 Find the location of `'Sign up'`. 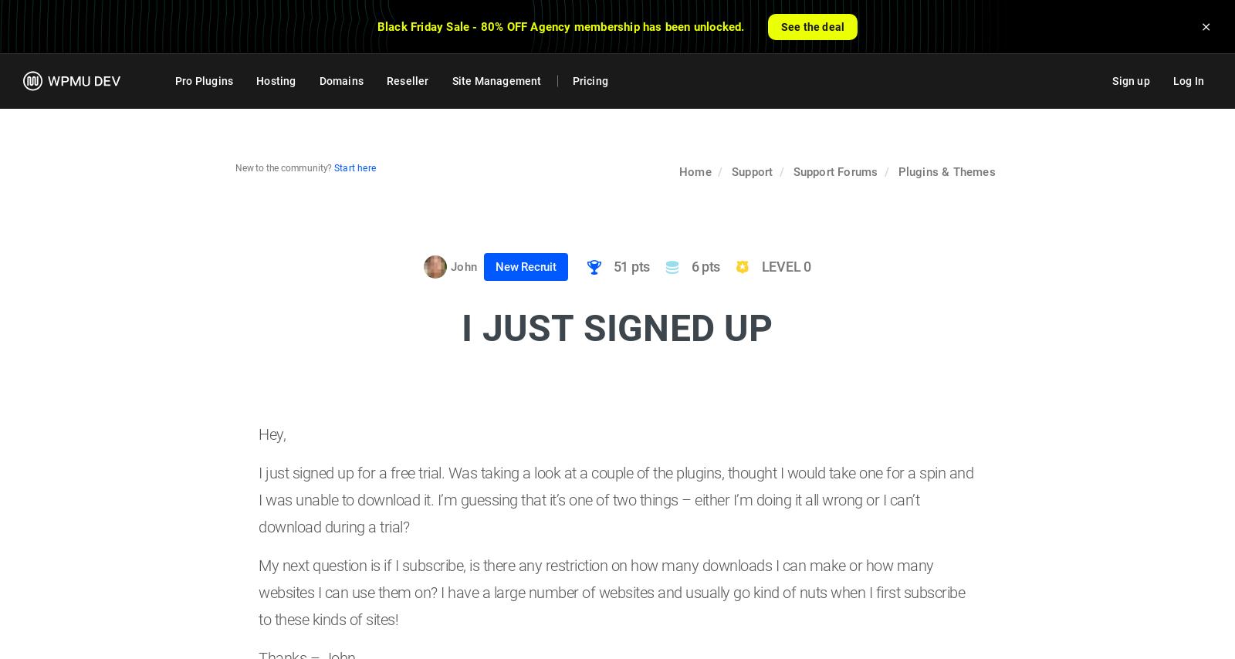

'Sign up' is located at coordinates (1130, 81).